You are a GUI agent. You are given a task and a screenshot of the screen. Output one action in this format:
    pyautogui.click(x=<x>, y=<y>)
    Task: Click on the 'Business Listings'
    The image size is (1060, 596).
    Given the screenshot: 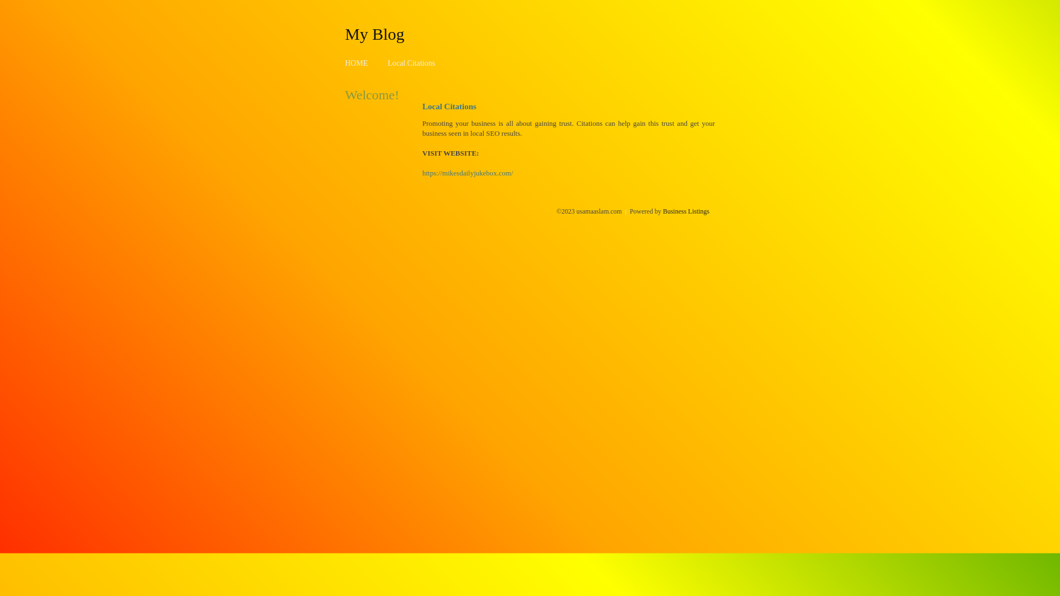 What is the action you would take?
    pyautogui.click(x=686, y=211)
    